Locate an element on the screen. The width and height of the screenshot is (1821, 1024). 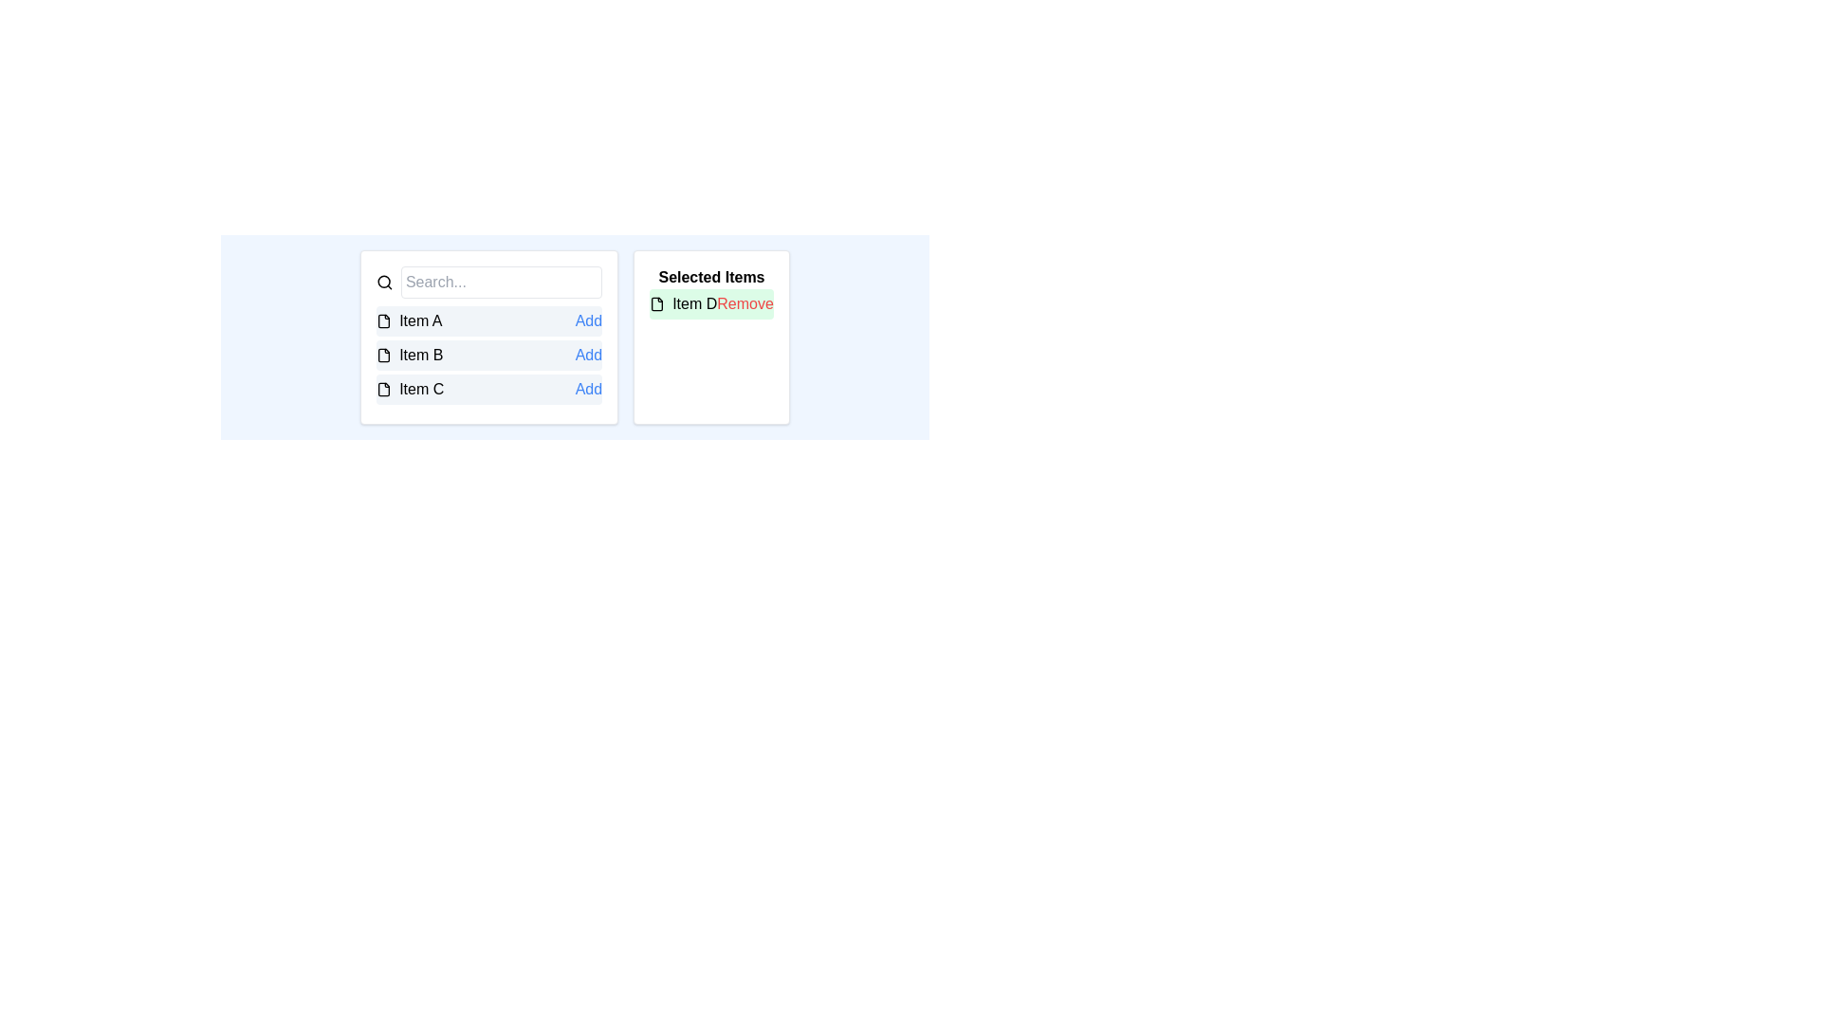
the file icon located in the third item of the list, which is next to the text label for 'Item C' is located at coordinates (383, 389).